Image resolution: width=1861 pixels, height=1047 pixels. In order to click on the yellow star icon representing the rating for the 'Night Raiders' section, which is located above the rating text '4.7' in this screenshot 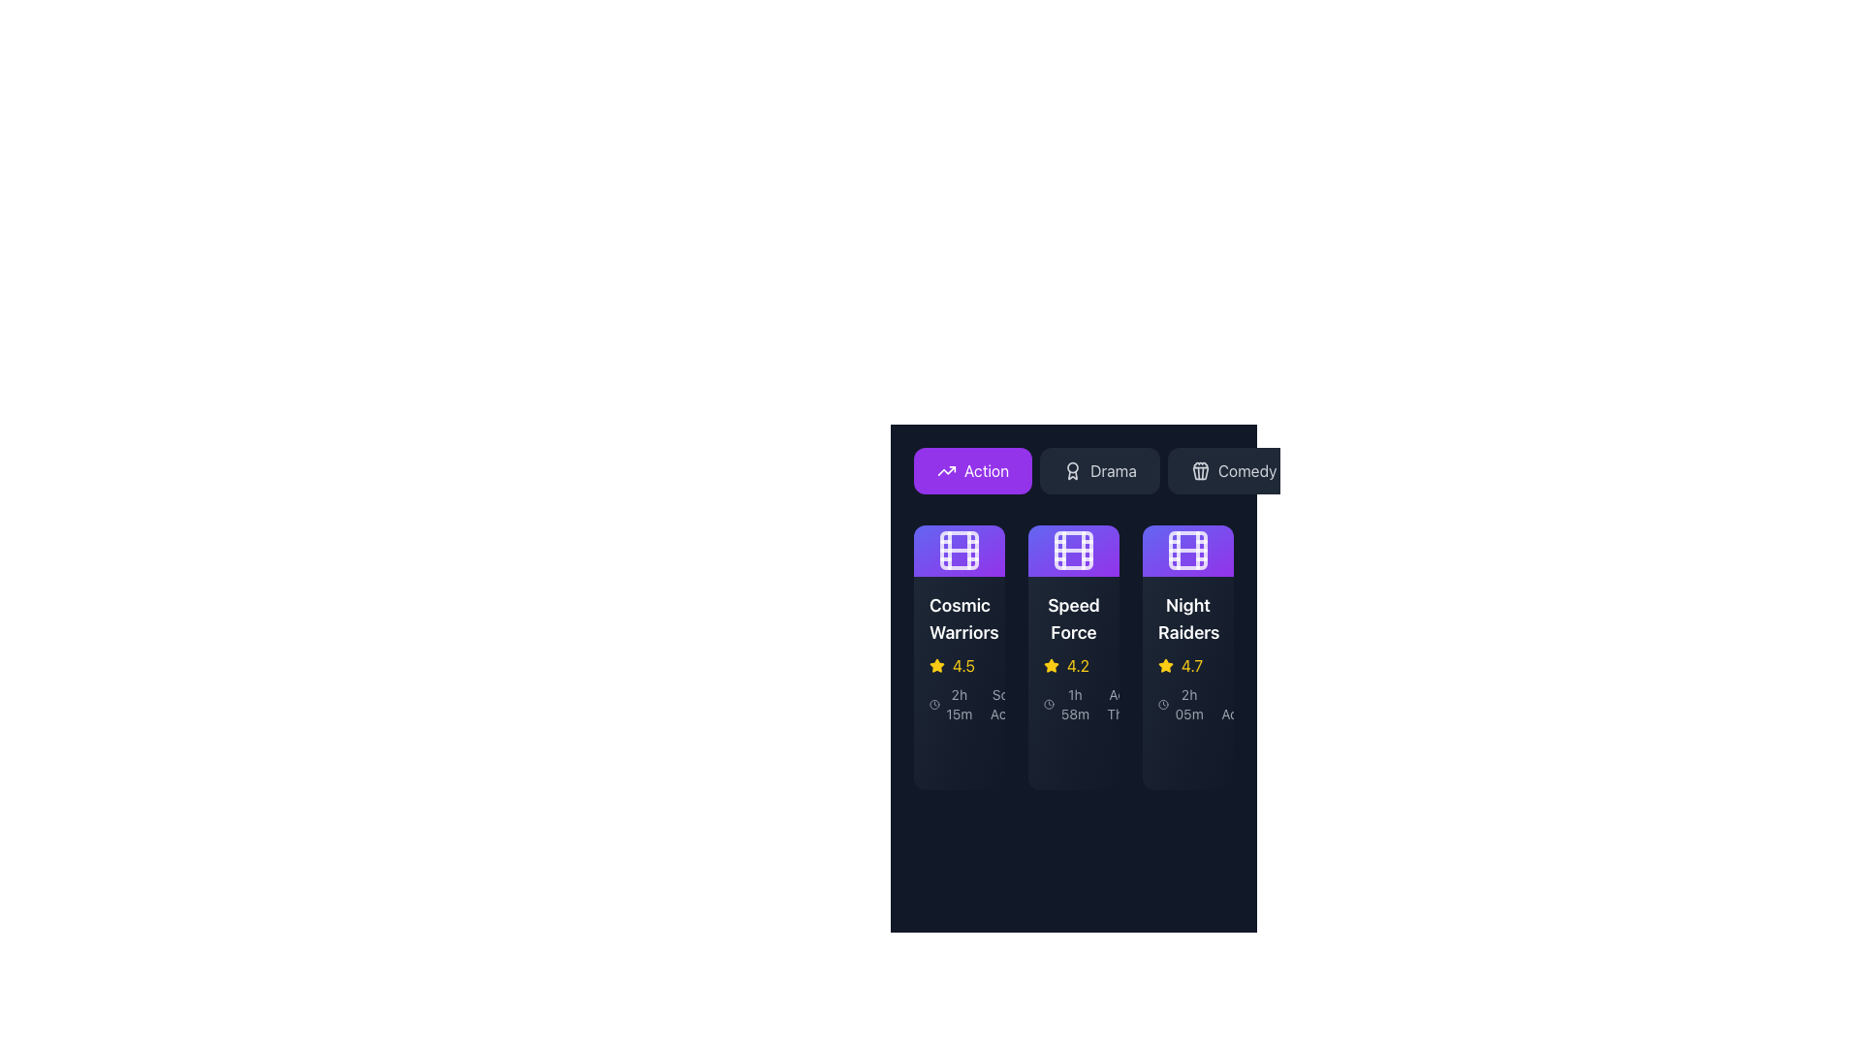, I will do `click(936, 664)`.